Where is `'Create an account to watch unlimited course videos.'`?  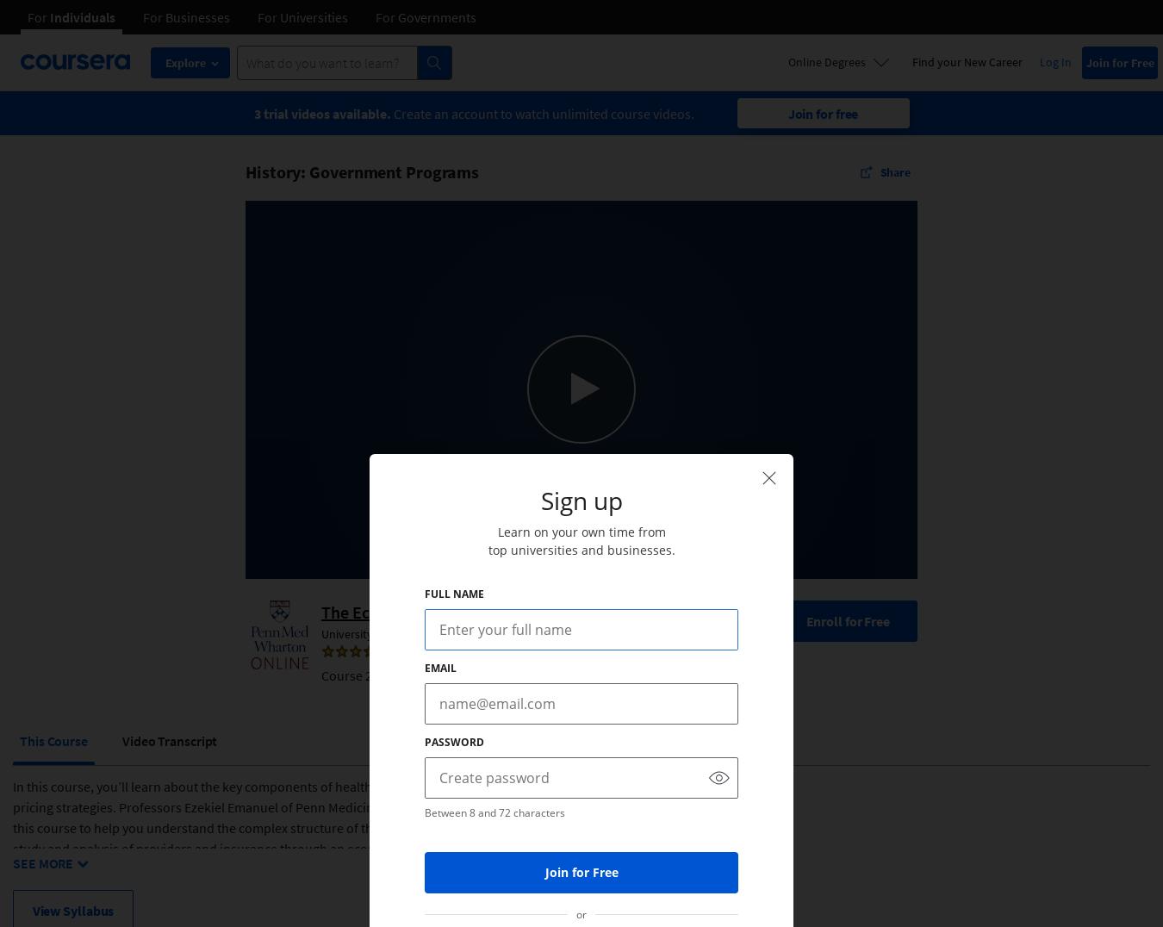
'Create an account to watch unlimited course videos.' is located at coordinates (543, 111).